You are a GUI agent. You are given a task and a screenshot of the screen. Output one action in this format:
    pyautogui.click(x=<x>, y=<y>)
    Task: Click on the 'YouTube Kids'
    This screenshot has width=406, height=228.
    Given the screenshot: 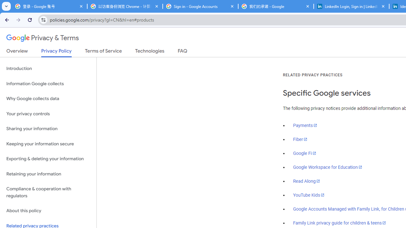 What is the action you would take?
    pyautogui.click(x=309, y=194)
    